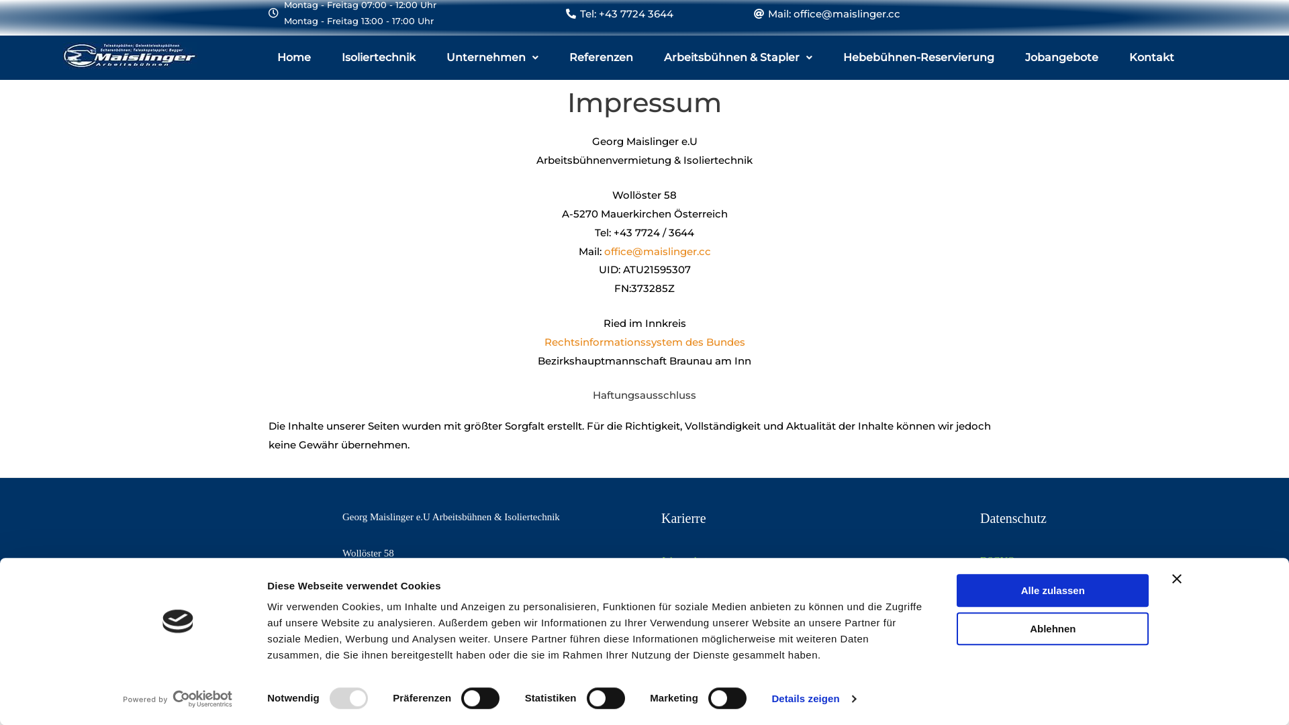 This screenshot has width=1289, height=725. Describe the element at coordinates (559, 56) in the screenshot. I see `'Referenzen'` at that location.